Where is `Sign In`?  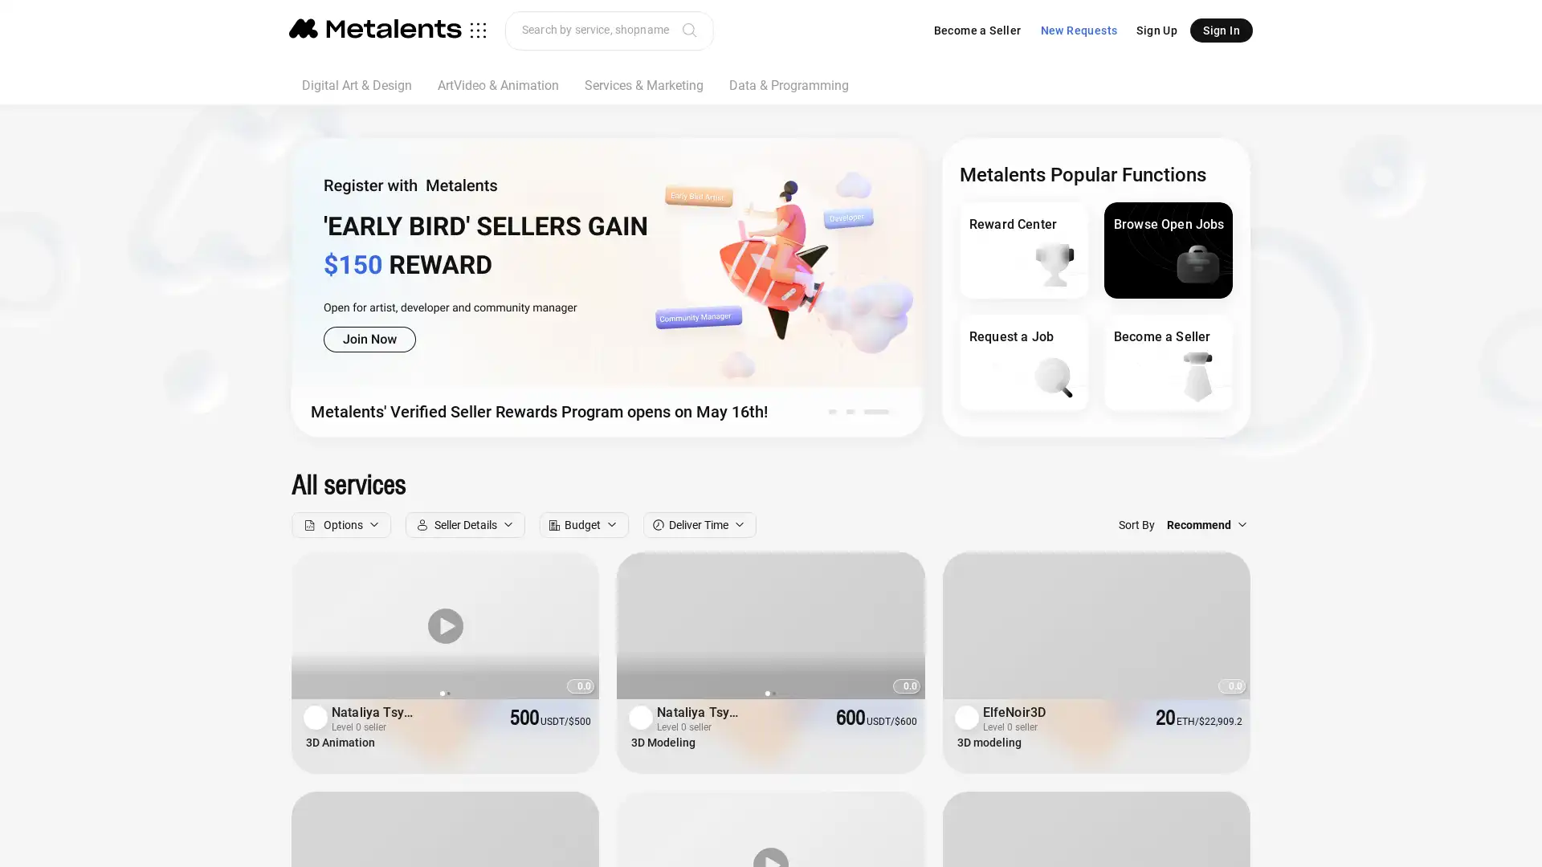
Sign In is located at coordinates (1221, 31).